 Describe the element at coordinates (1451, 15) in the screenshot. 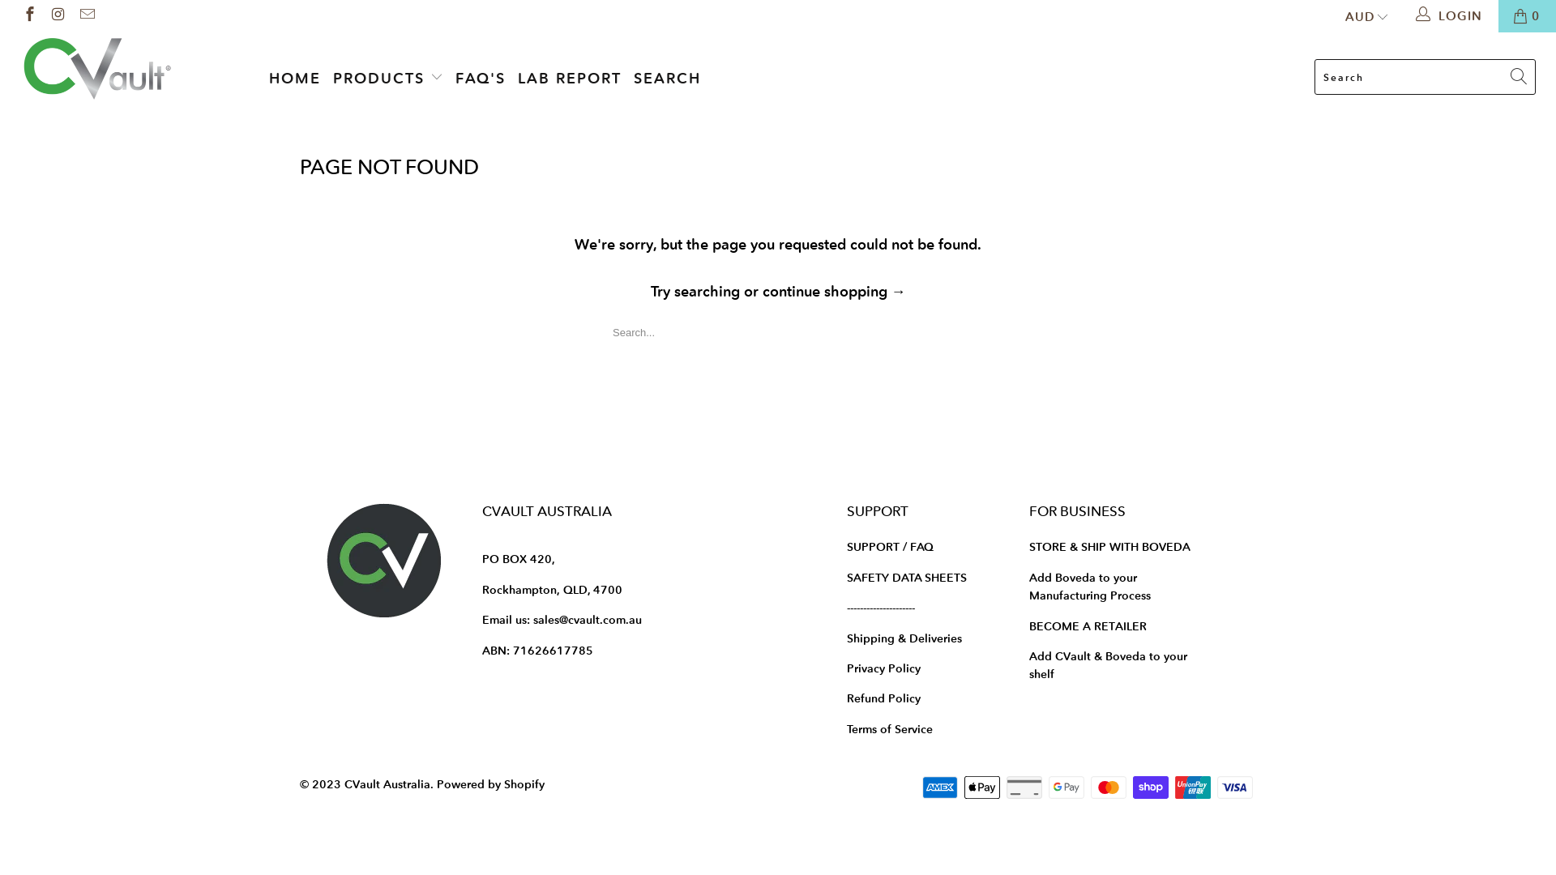

I see `'LOGIN'` at that location.